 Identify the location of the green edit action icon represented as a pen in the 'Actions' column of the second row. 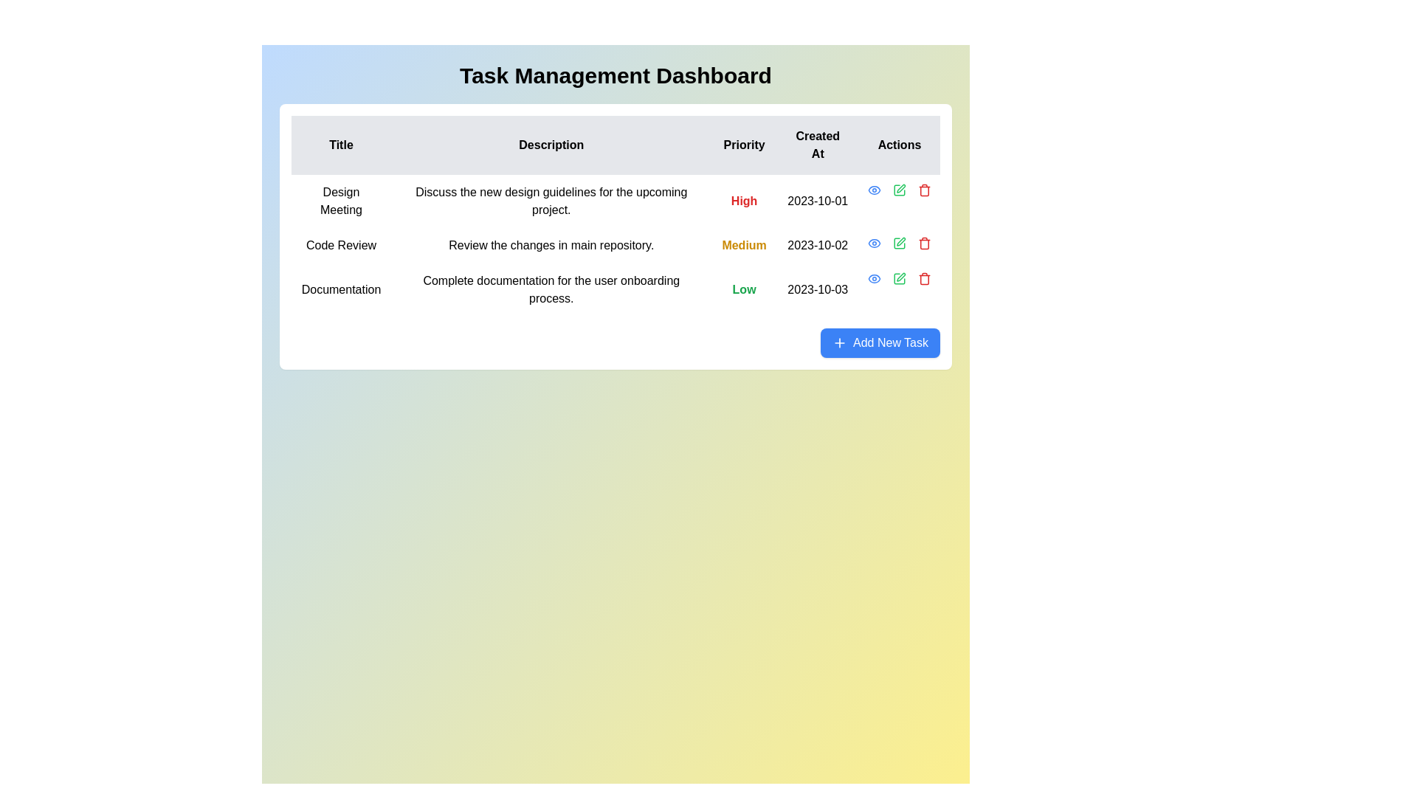
(899, 243).